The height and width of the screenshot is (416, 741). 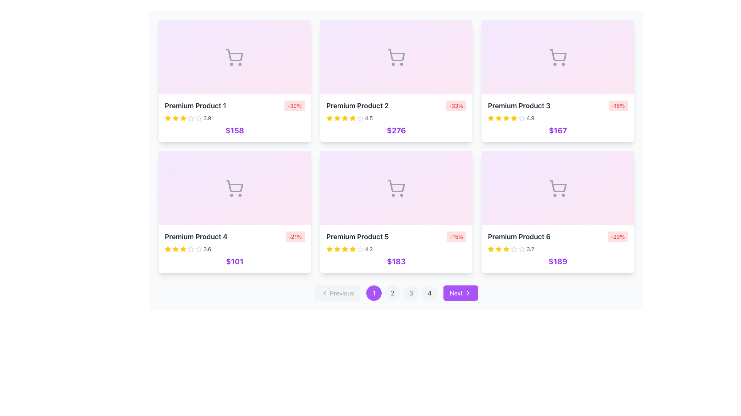 I want to click on the fourth star icon in the rating bar for 'Premium Product 6', which is styled in yellow and represents a filled star, so click(x=506, y=249).